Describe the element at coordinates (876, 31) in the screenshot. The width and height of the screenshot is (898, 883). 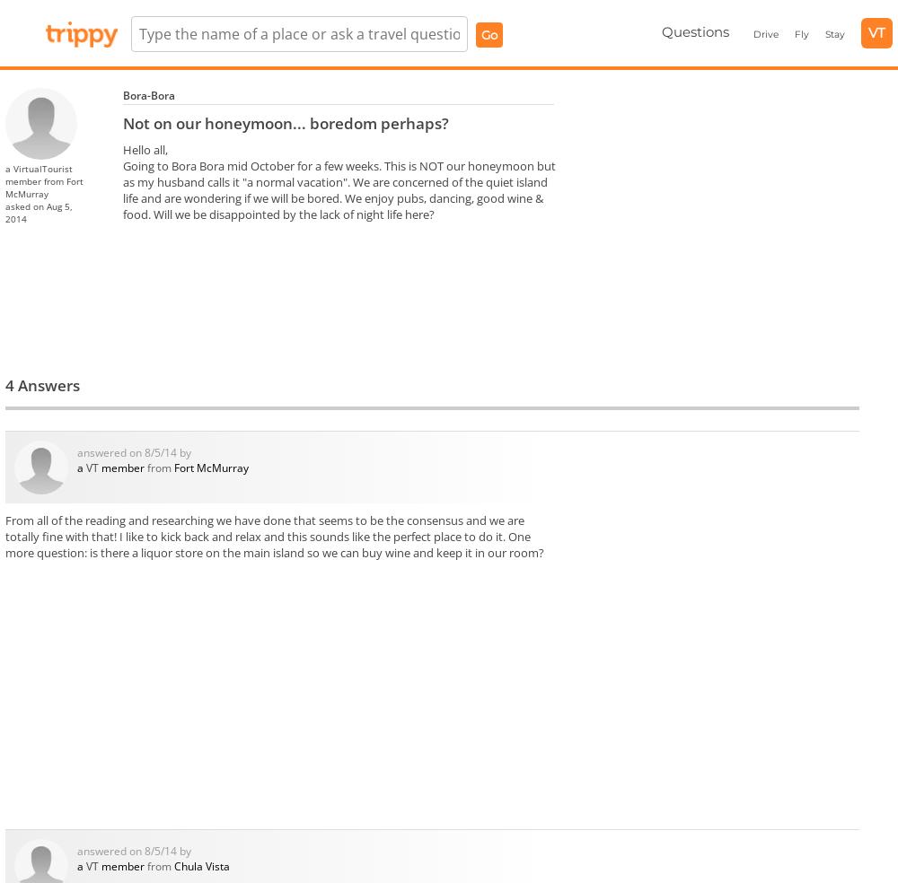
I see `'VT'` at that location.